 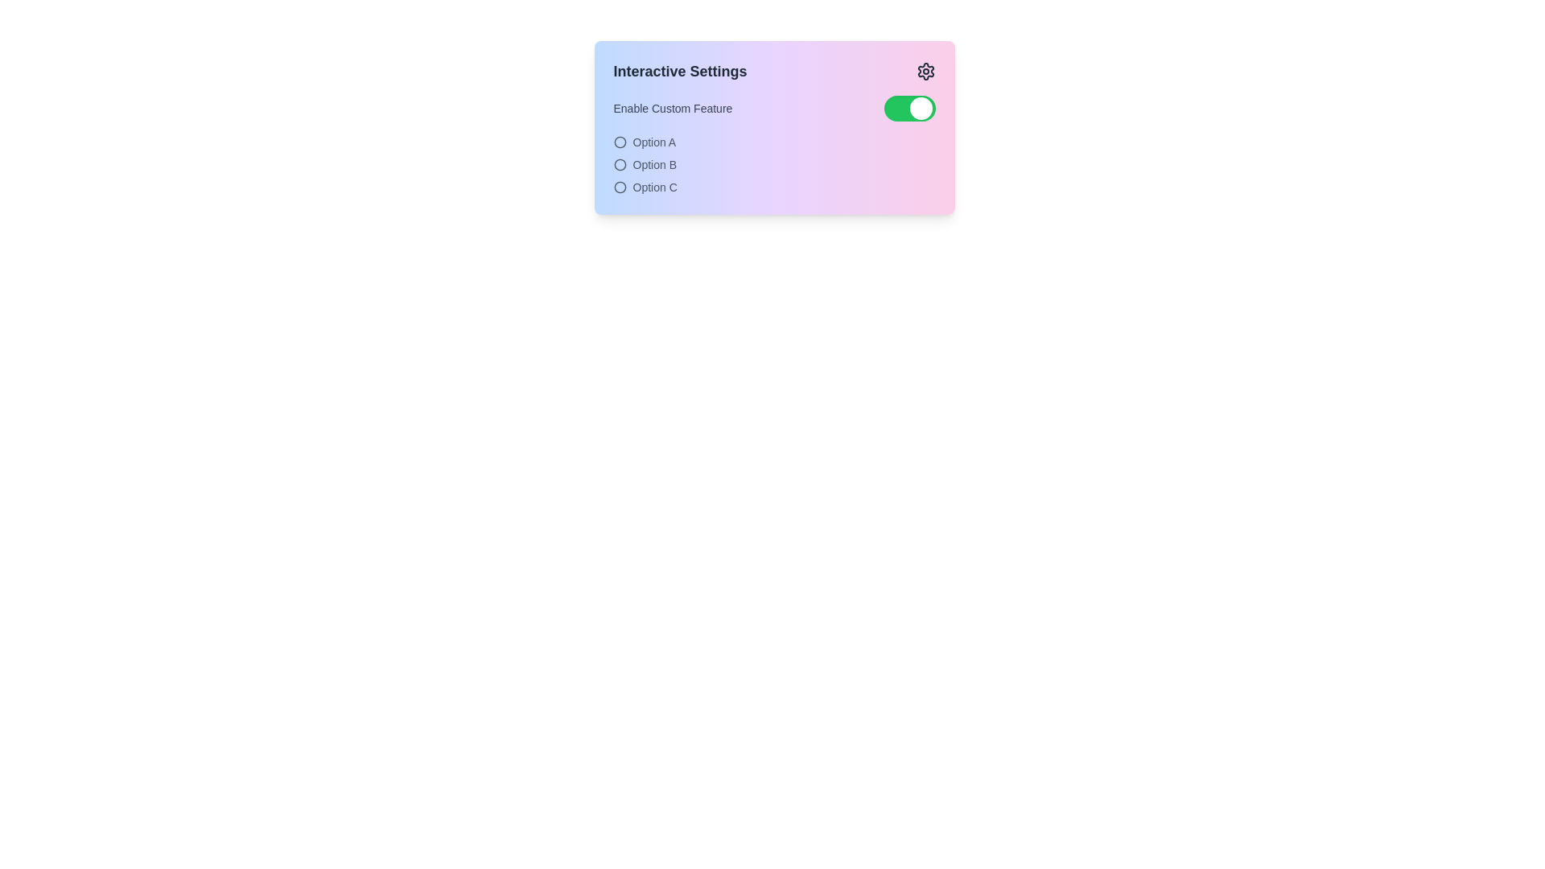 I want to click on the radio button labeled 'Option B', so click(x=774, y=164).